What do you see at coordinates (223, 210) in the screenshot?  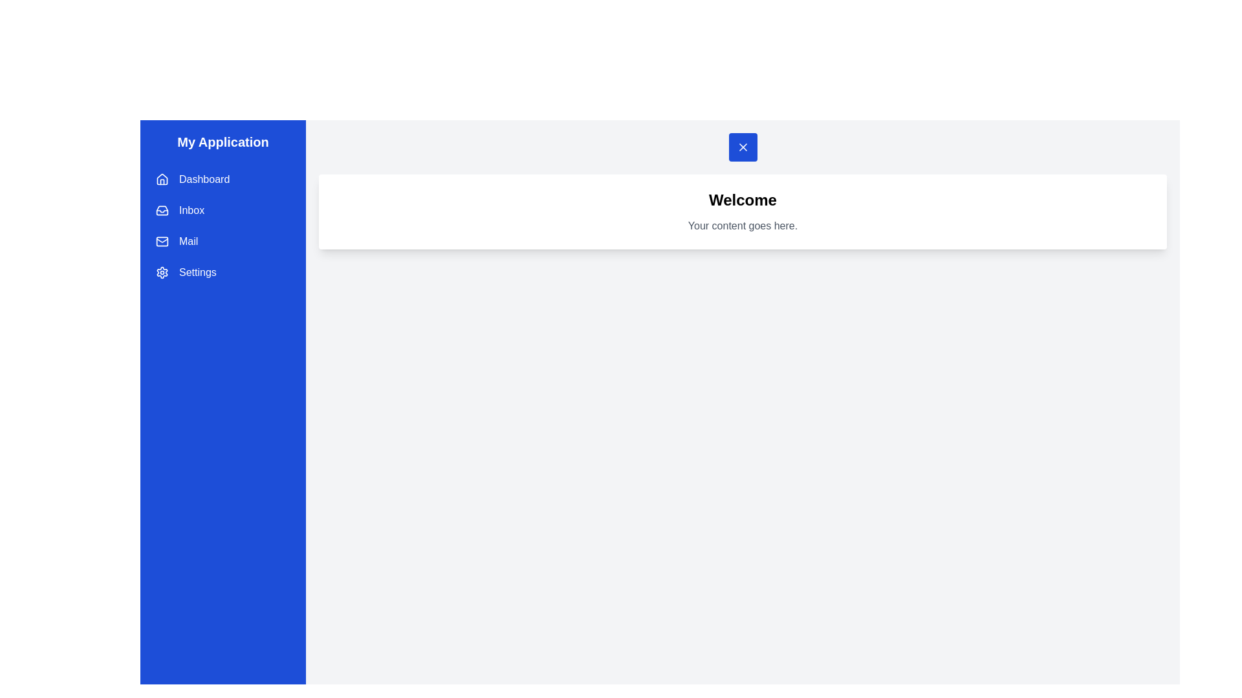 I see `the menu item Inbox from the drawer` at bounding box center [223, 210].